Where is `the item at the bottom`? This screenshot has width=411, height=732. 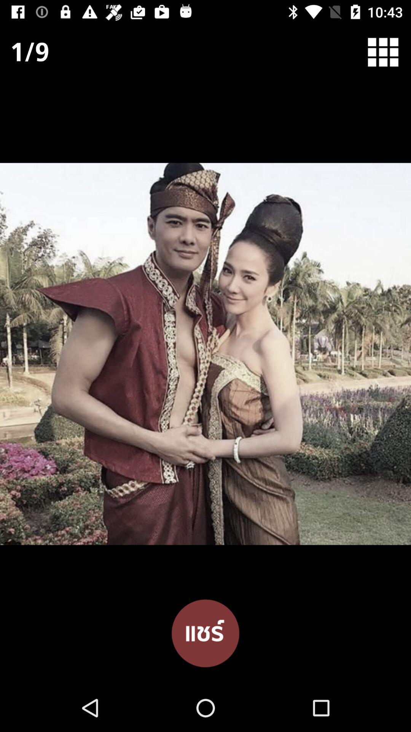 the item at the bottom is located at coordinates (205, 632).